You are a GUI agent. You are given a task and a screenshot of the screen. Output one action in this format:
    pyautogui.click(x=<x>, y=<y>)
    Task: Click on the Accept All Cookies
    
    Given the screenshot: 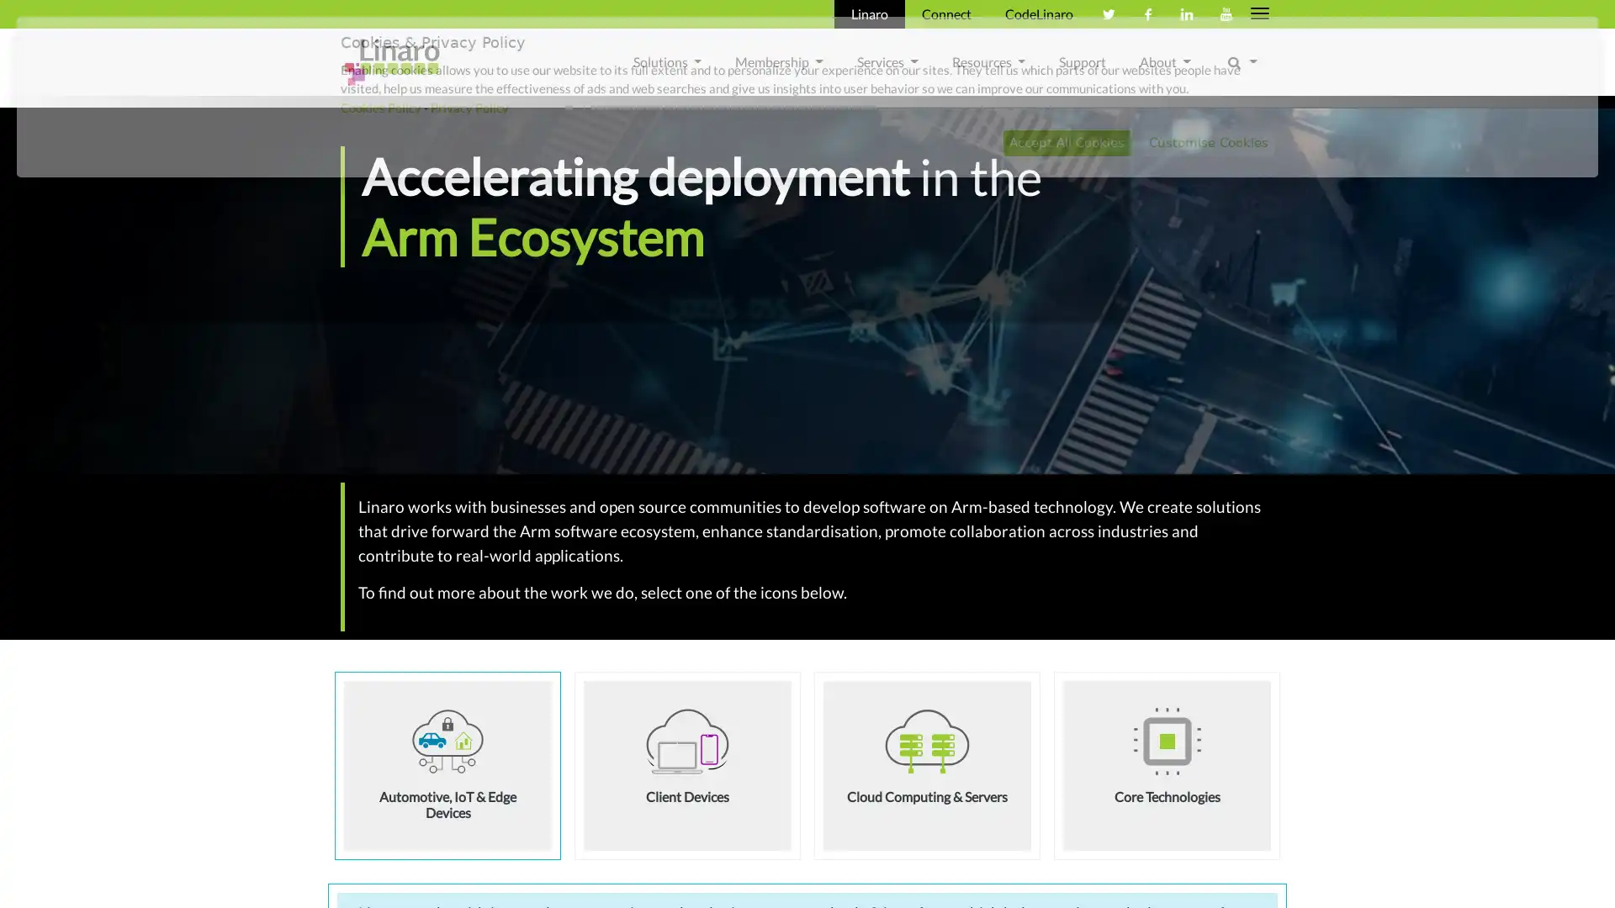 What is the action you would take?
    pyautogui.click(x=1066, y=142)
    